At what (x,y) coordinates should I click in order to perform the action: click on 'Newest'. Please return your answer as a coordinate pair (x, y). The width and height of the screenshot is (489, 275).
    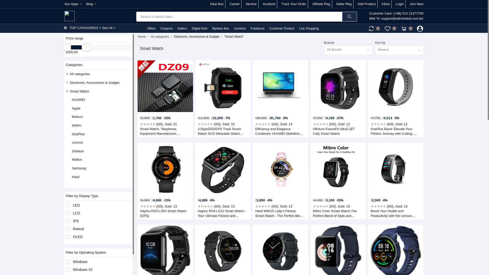
    Looking at the image, I should click on (375, 50).